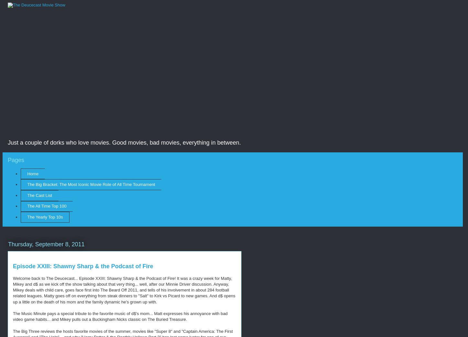 The width and height of the screenshot is (468, 337). What do you see at coordinates (46, 244) in the screenshot?
I see `'Thursday, September 8, 2011'` at bounding box center [46, 244].